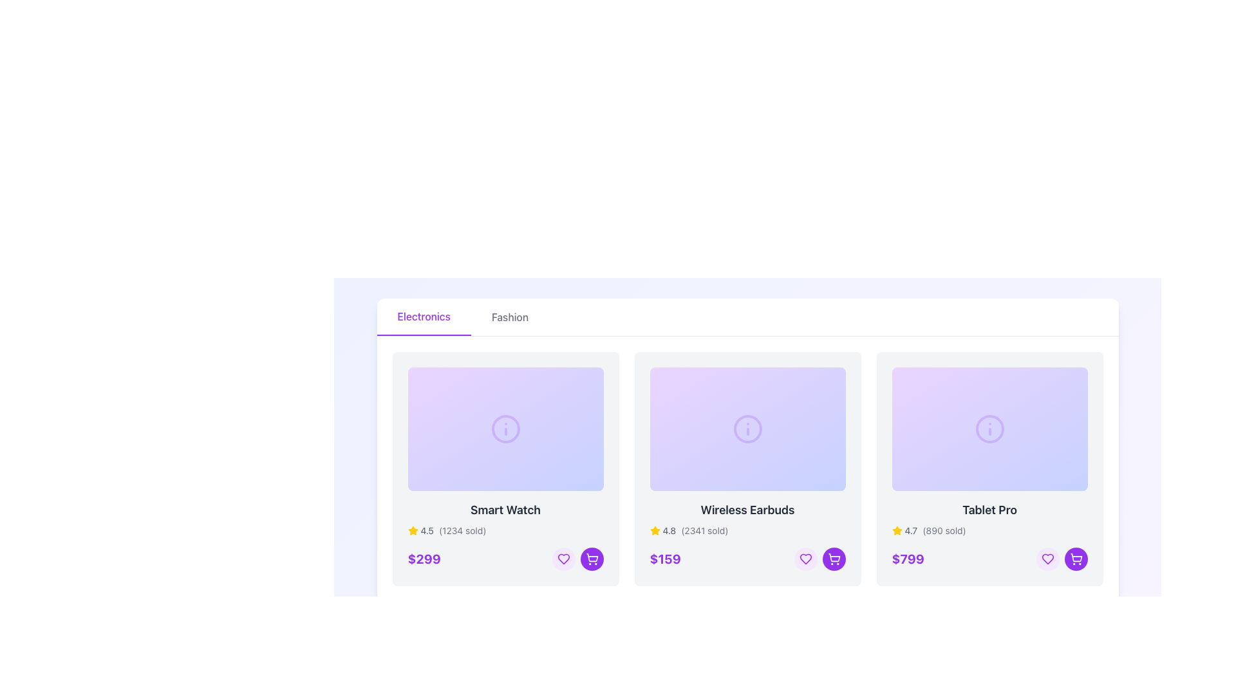 This screenshot has height=695, width=1236. I want to click on the circular button with a vivid purple background and a white shopping cart icon, so click(1076, 558).